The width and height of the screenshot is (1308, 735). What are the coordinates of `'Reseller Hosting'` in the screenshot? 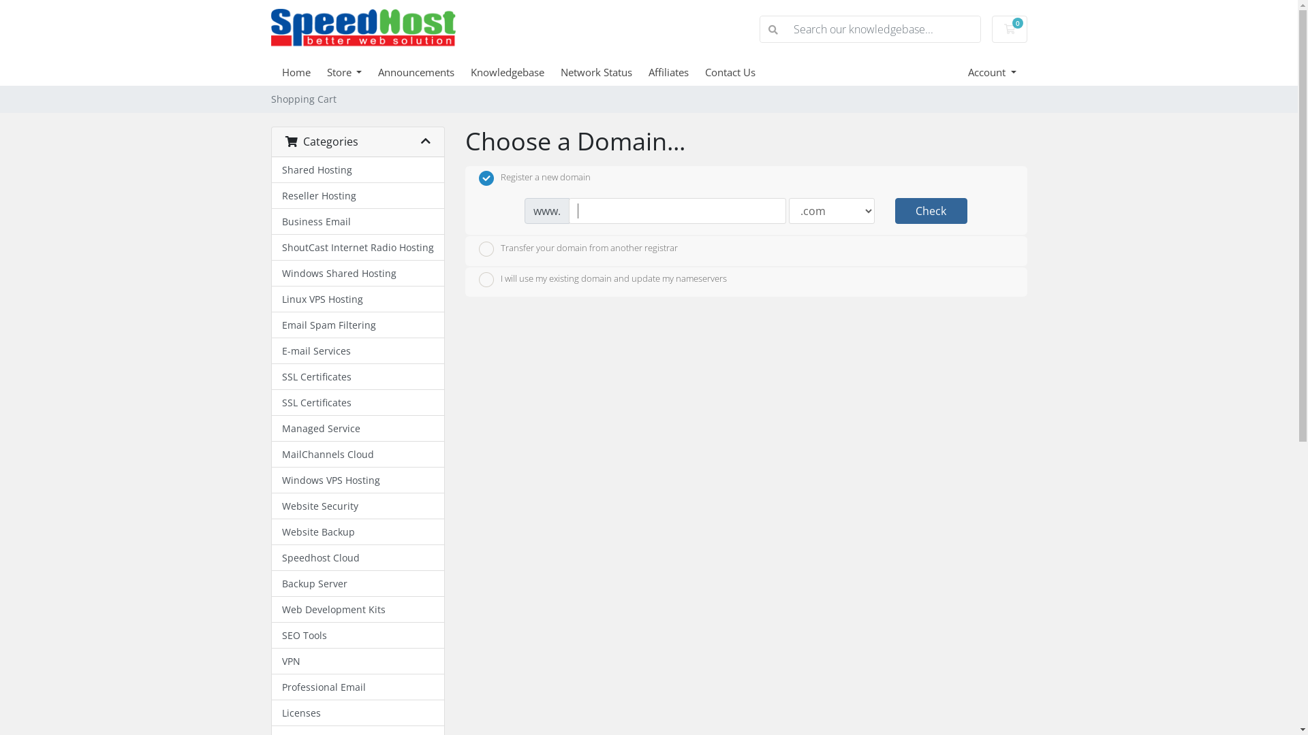 It's located at (357, 196).